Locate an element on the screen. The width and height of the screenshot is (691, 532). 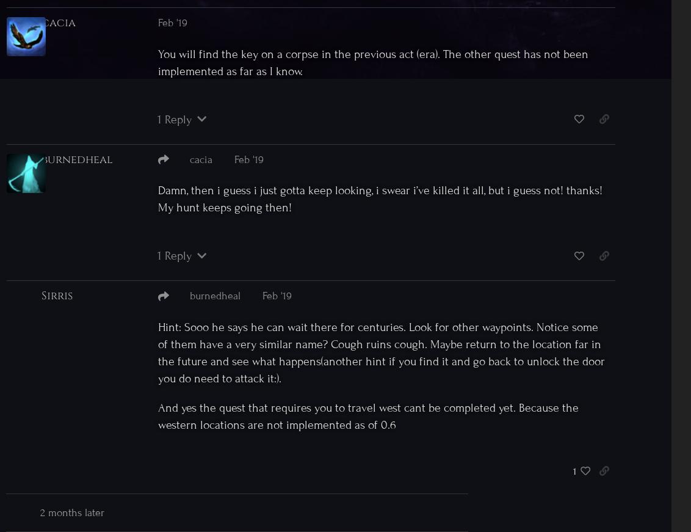
'You will find the key on a corpse in the previous act (era). The other quest has not been implemented as far as I know.' is located at coordinates (372, 61).